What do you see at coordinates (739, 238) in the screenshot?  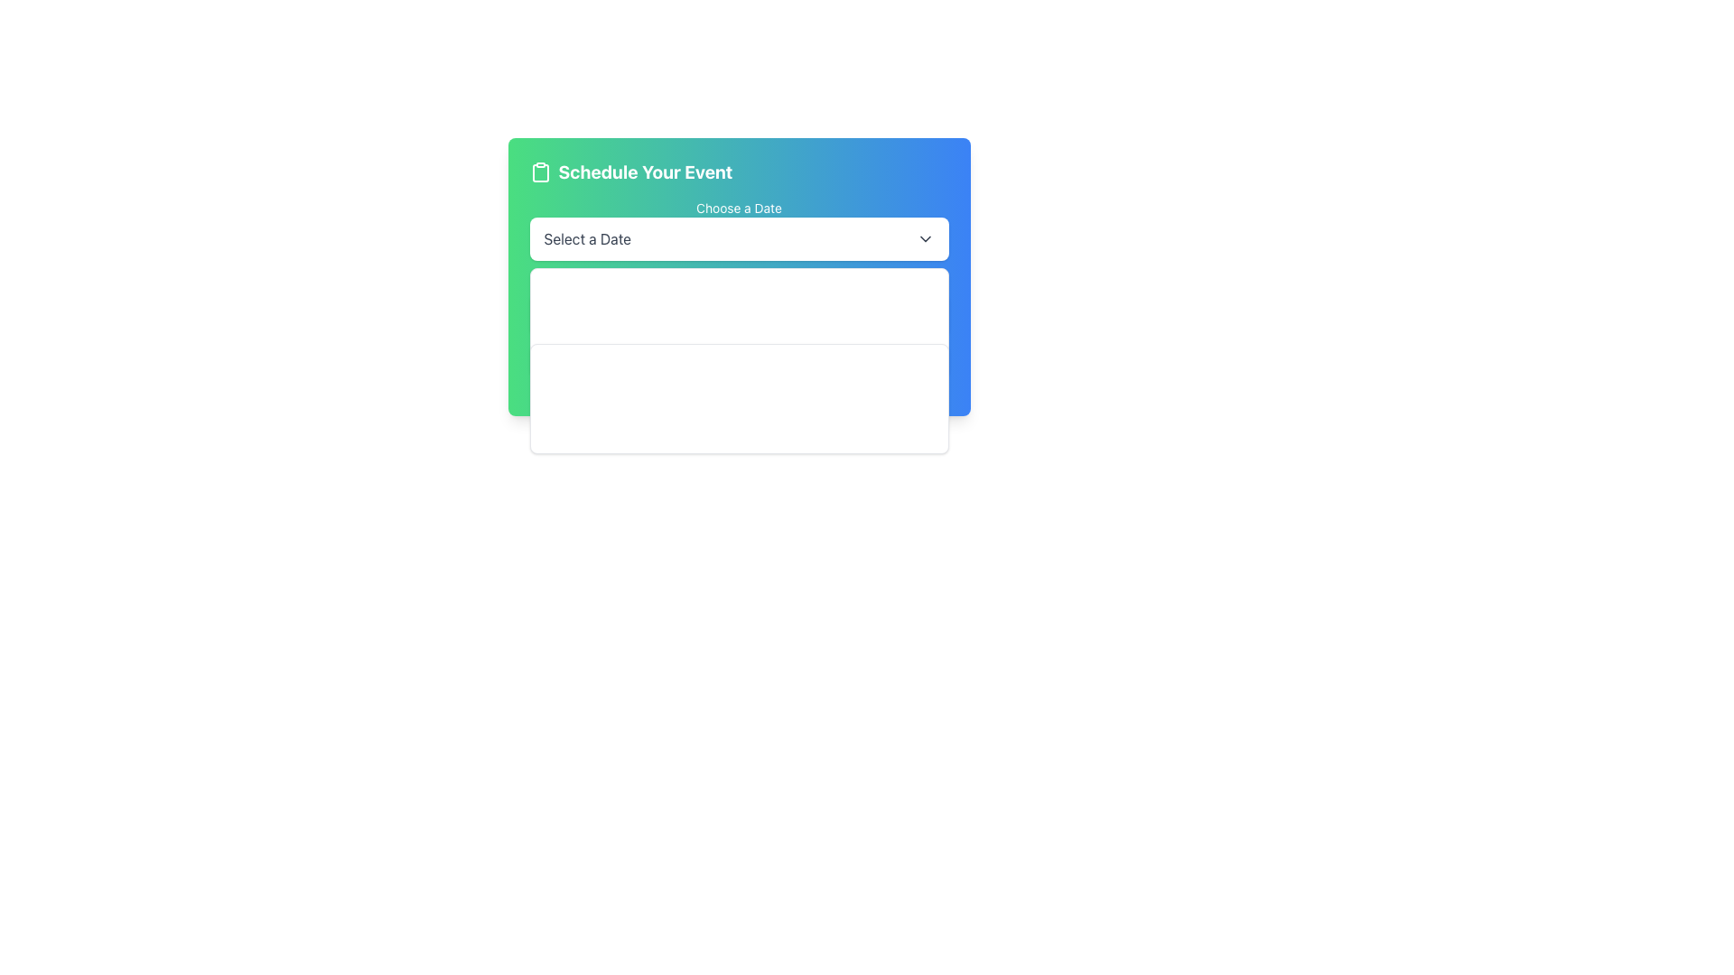 I see `a date from the dropdown menu labeled 'Select a Date', which is styled with a white background and rounded corners, located just below the 'Choose a Date' label` at bounding box center [739, 238].